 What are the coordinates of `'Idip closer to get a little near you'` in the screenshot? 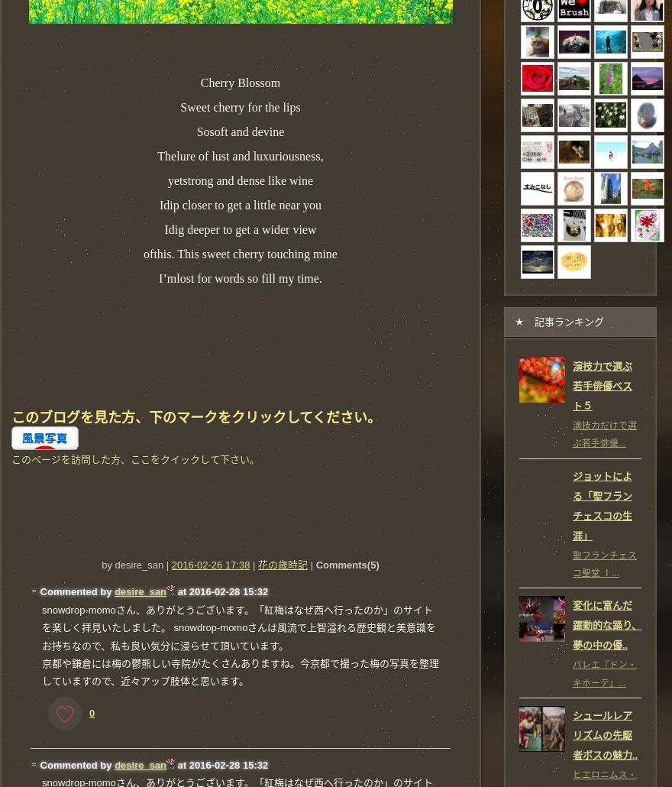 It's located at (160, 203).